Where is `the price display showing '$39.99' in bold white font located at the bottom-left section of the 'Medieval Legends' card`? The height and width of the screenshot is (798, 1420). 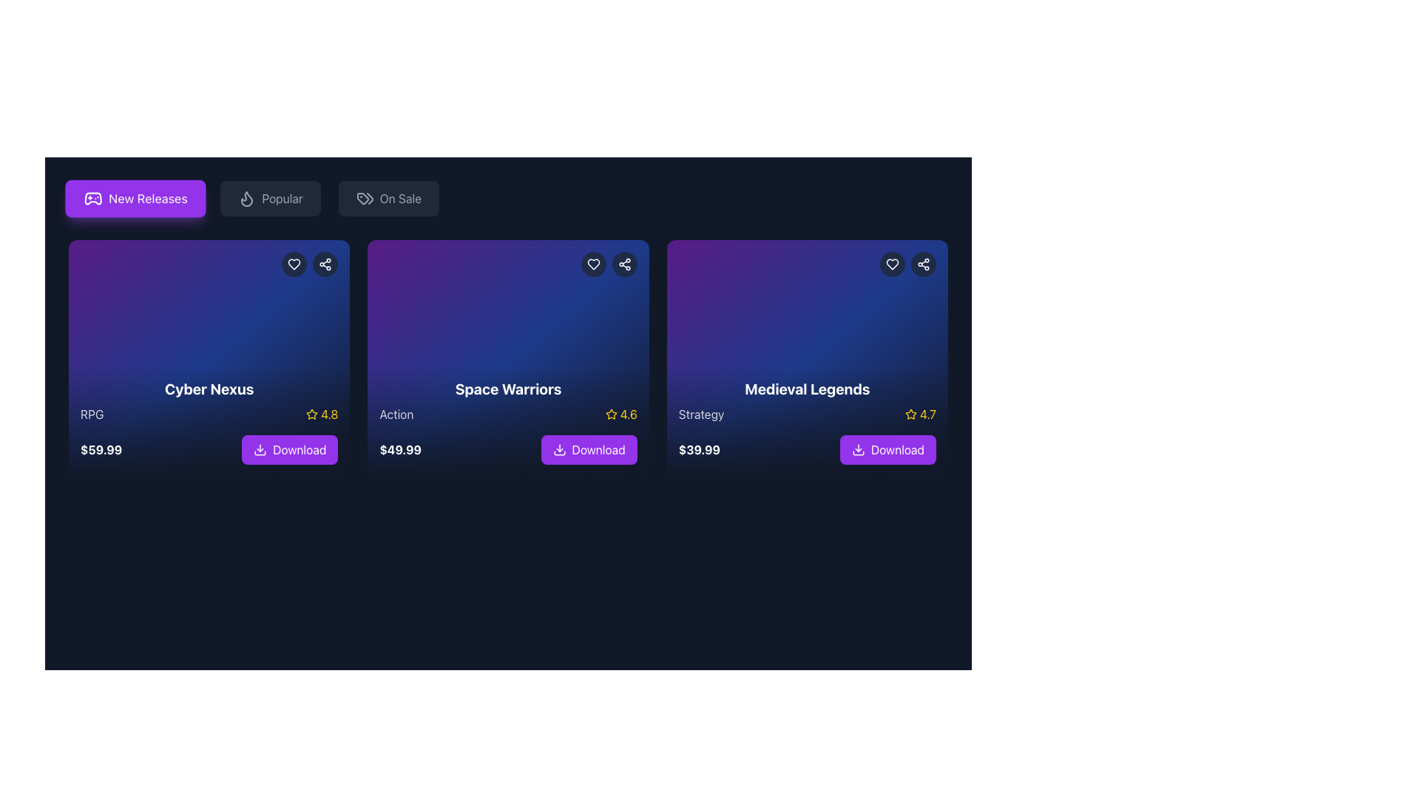
the price display showing '$39.99' in bold white font located at the bottom-left section of the 'Medieval Legends' card is located at coordinates (698, 449).